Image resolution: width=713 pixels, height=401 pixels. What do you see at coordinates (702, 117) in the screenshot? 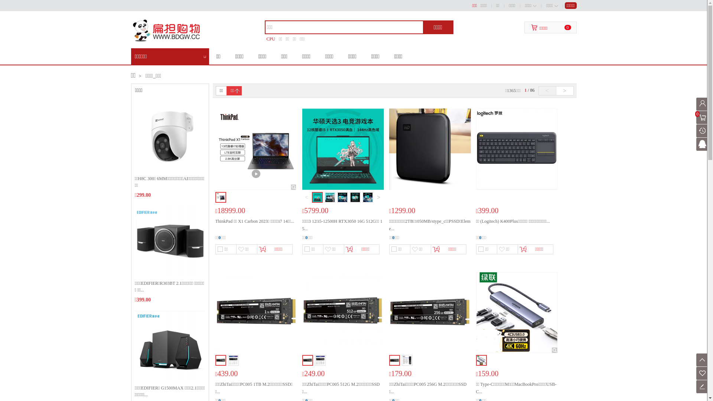
I see `'0'` at bounding box center [702, 117].